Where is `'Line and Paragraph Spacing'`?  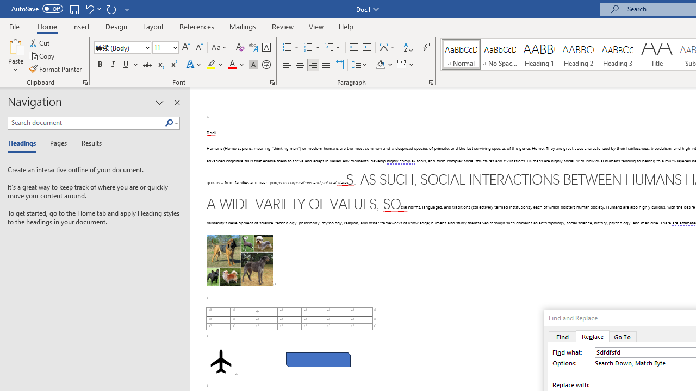 'Line and Paragraph Spacing' is located at coordinates (359, 65).